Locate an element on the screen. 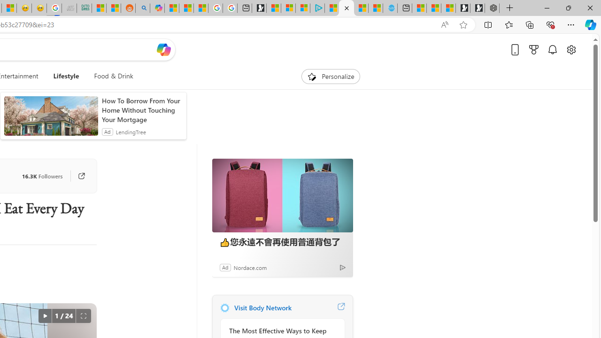 Image resolution: width=601 pixels, height=338 pixels. 'Go to publisher' is located at coordinates (81, 176).